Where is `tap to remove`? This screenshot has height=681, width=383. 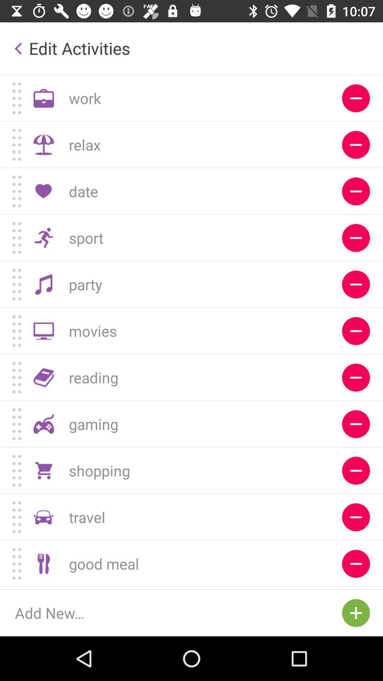 tap to remove is located at coordinates (356, 588).